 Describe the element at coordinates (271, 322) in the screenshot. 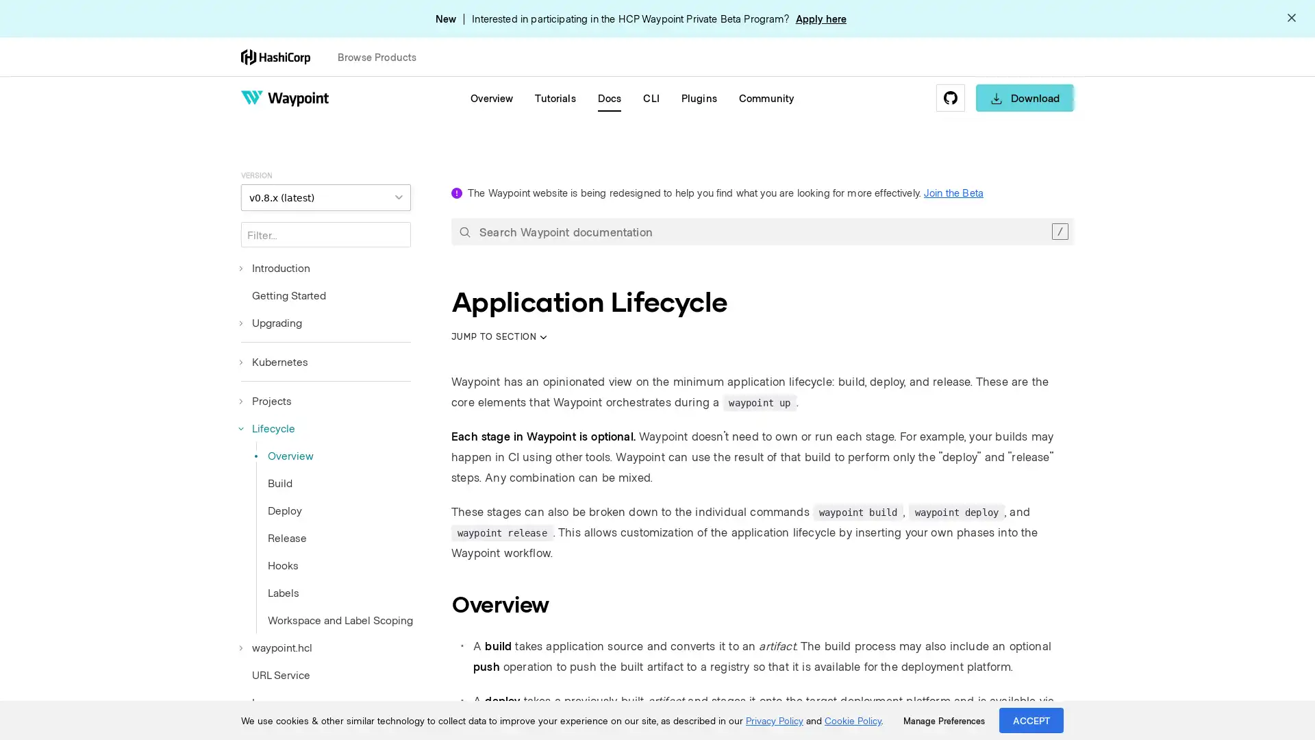

I see `Upgrading` at that location.